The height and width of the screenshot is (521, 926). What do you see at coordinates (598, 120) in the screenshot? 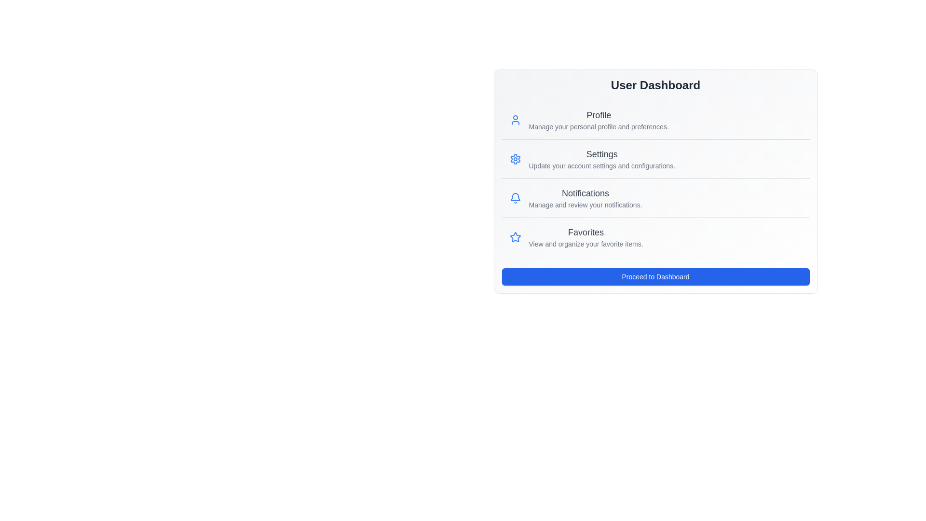
I see `the 'Profile' text element, which displays the heading 'Profile' in bold and a descriptive text 'Manage your personal profile and preferences.' underneath, located on the right-hand side of the 'User Dashboard'` at bounding box center [598, 120].